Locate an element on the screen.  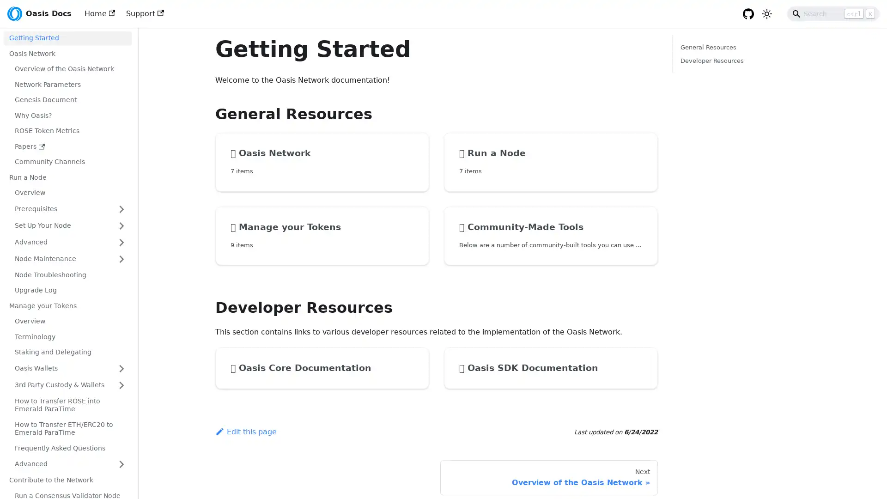
Toggle the collapsible sidebar category '3rd Party Custody & Wallets' is located at coordinates (121, 385).